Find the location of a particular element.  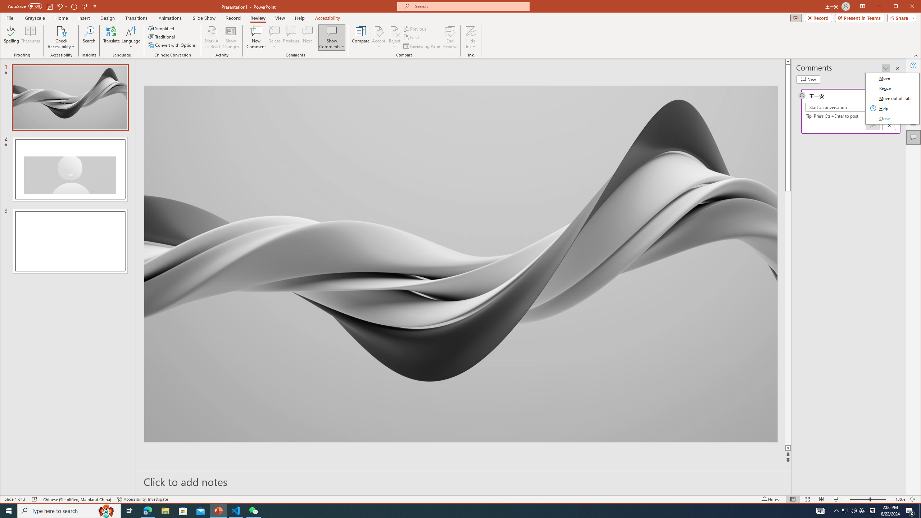

'Mark All as Read' is located at coordinates (213, 37).